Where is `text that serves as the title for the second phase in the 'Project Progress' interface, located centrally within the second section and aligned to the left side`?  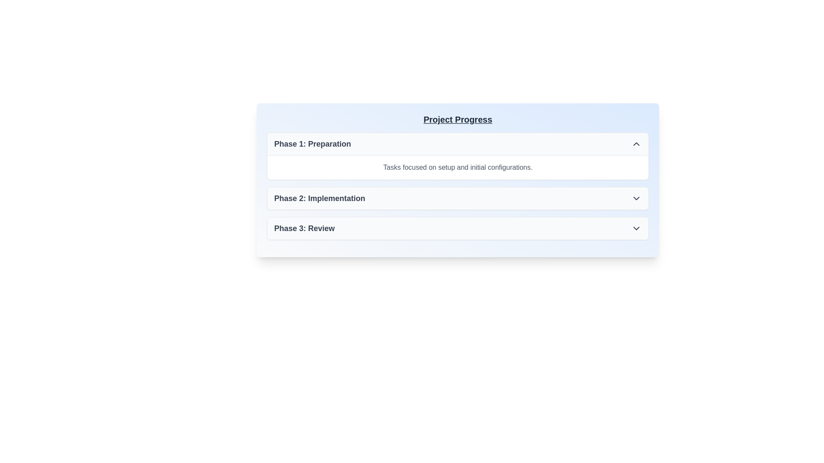
text that serves as the title for the second phase in the 'Project Progress' interface, located centrally within the second section and aligned to the left side is located at coordinates (319, 198).